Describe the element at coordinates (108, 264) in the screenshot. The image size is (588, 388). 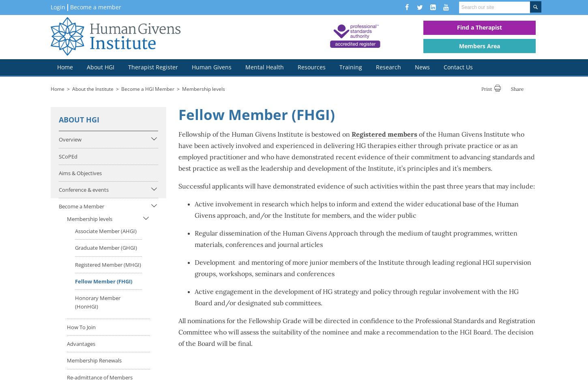
I see `'Registered Member (MHGI)'` at that location.